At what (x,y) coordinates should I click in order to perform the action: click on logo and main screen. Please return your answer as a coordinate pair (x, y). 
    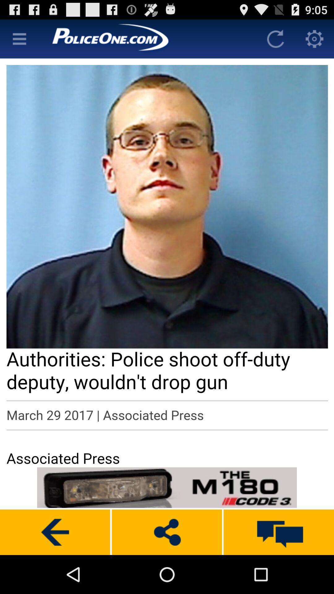
    Looking at the image, I should click on (148, 38).